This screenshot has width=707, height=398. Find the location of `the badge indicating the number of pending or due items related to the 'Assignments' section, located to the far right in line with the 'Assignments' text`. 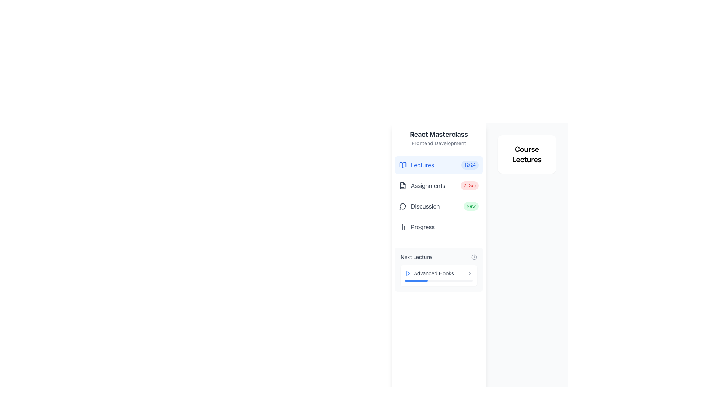

the badge indicating the number of pending or due items related to the 'Assignments' section, located to the far right in line with the 'Assignments' text is located at coordinates (469, 185).